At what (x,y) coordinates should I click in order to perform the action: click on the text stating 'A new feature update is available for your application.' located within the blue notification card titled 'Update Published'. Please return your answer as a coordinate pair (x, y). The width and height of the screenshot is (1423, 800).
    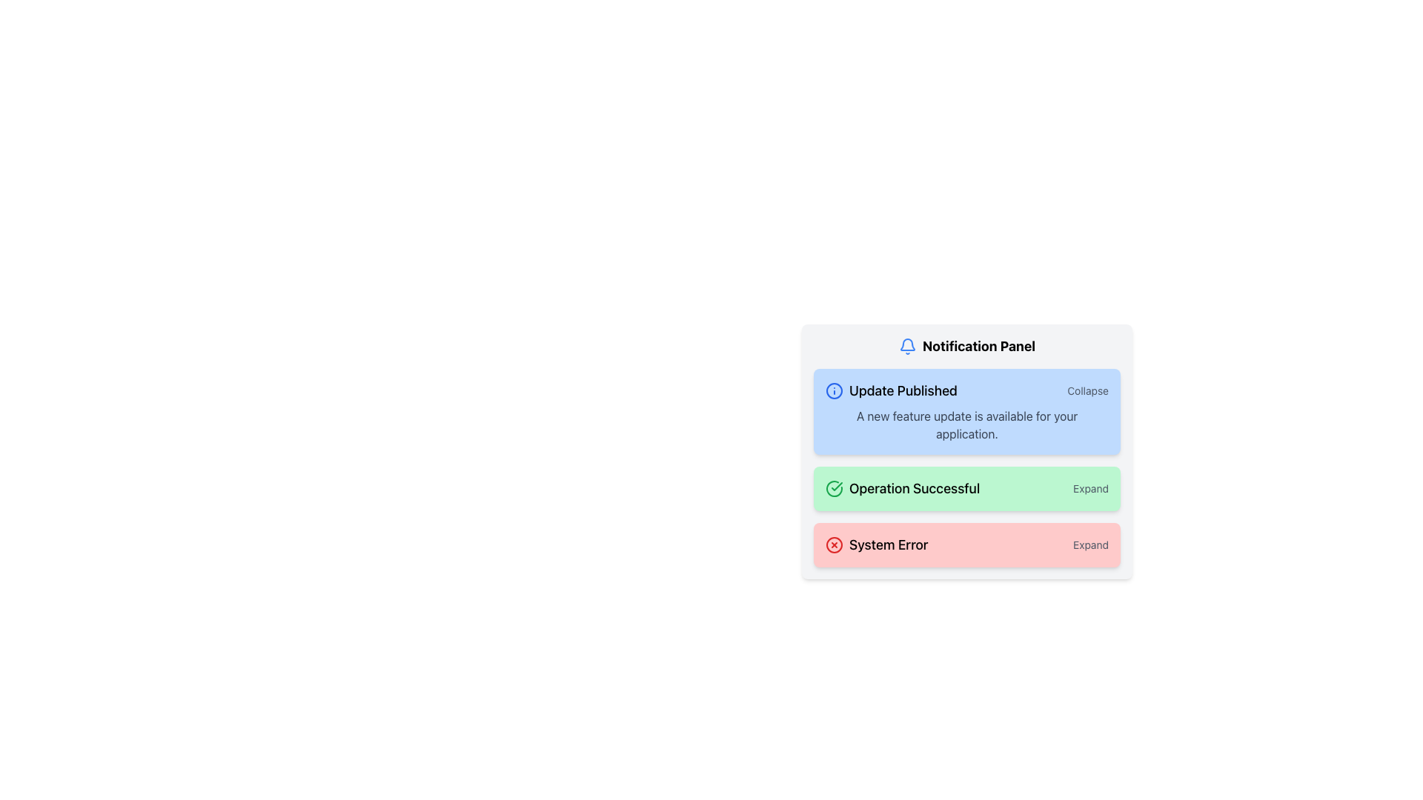
    Looking at the image, I should click on (967, 425).